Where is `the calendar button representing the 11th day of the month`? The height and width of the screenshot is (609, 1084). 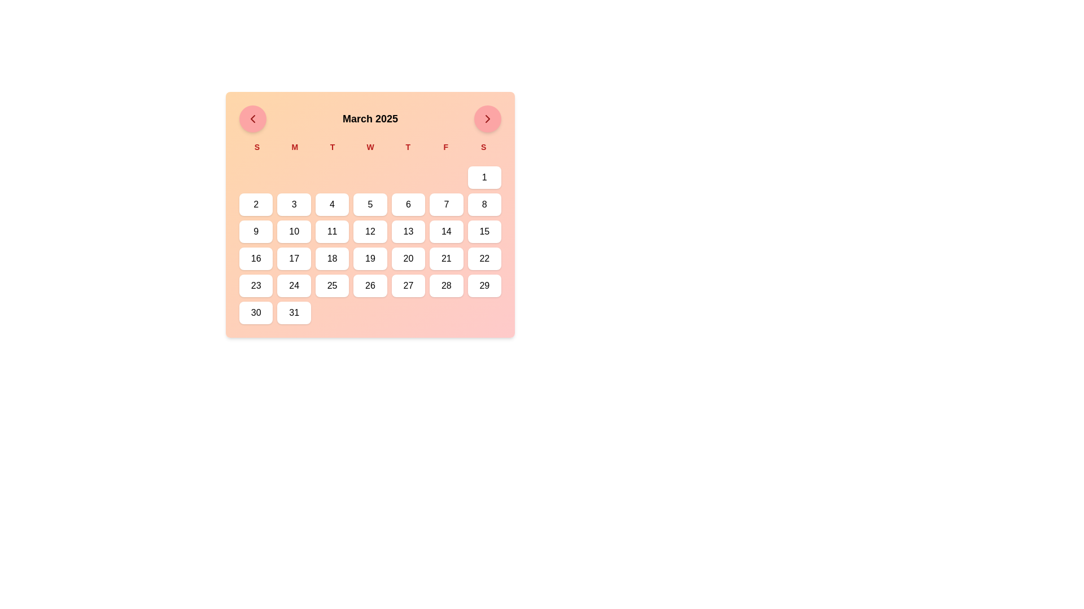
the calendar button representing the 11th day of the month is located at coordinates (331, 231).